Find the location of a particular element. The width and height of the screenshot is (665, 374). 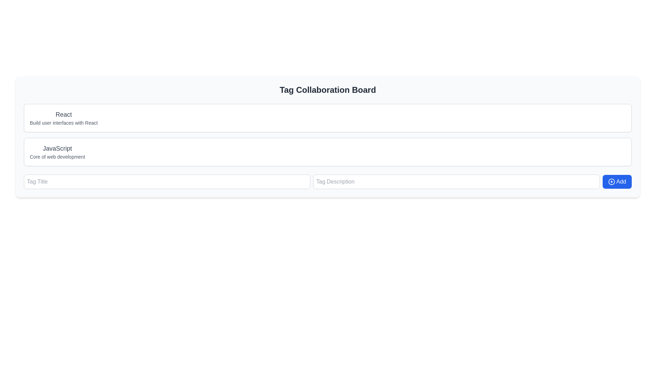

the blue rectangular 'Add' button with a white plus icon is located at coordinates (617, 181).